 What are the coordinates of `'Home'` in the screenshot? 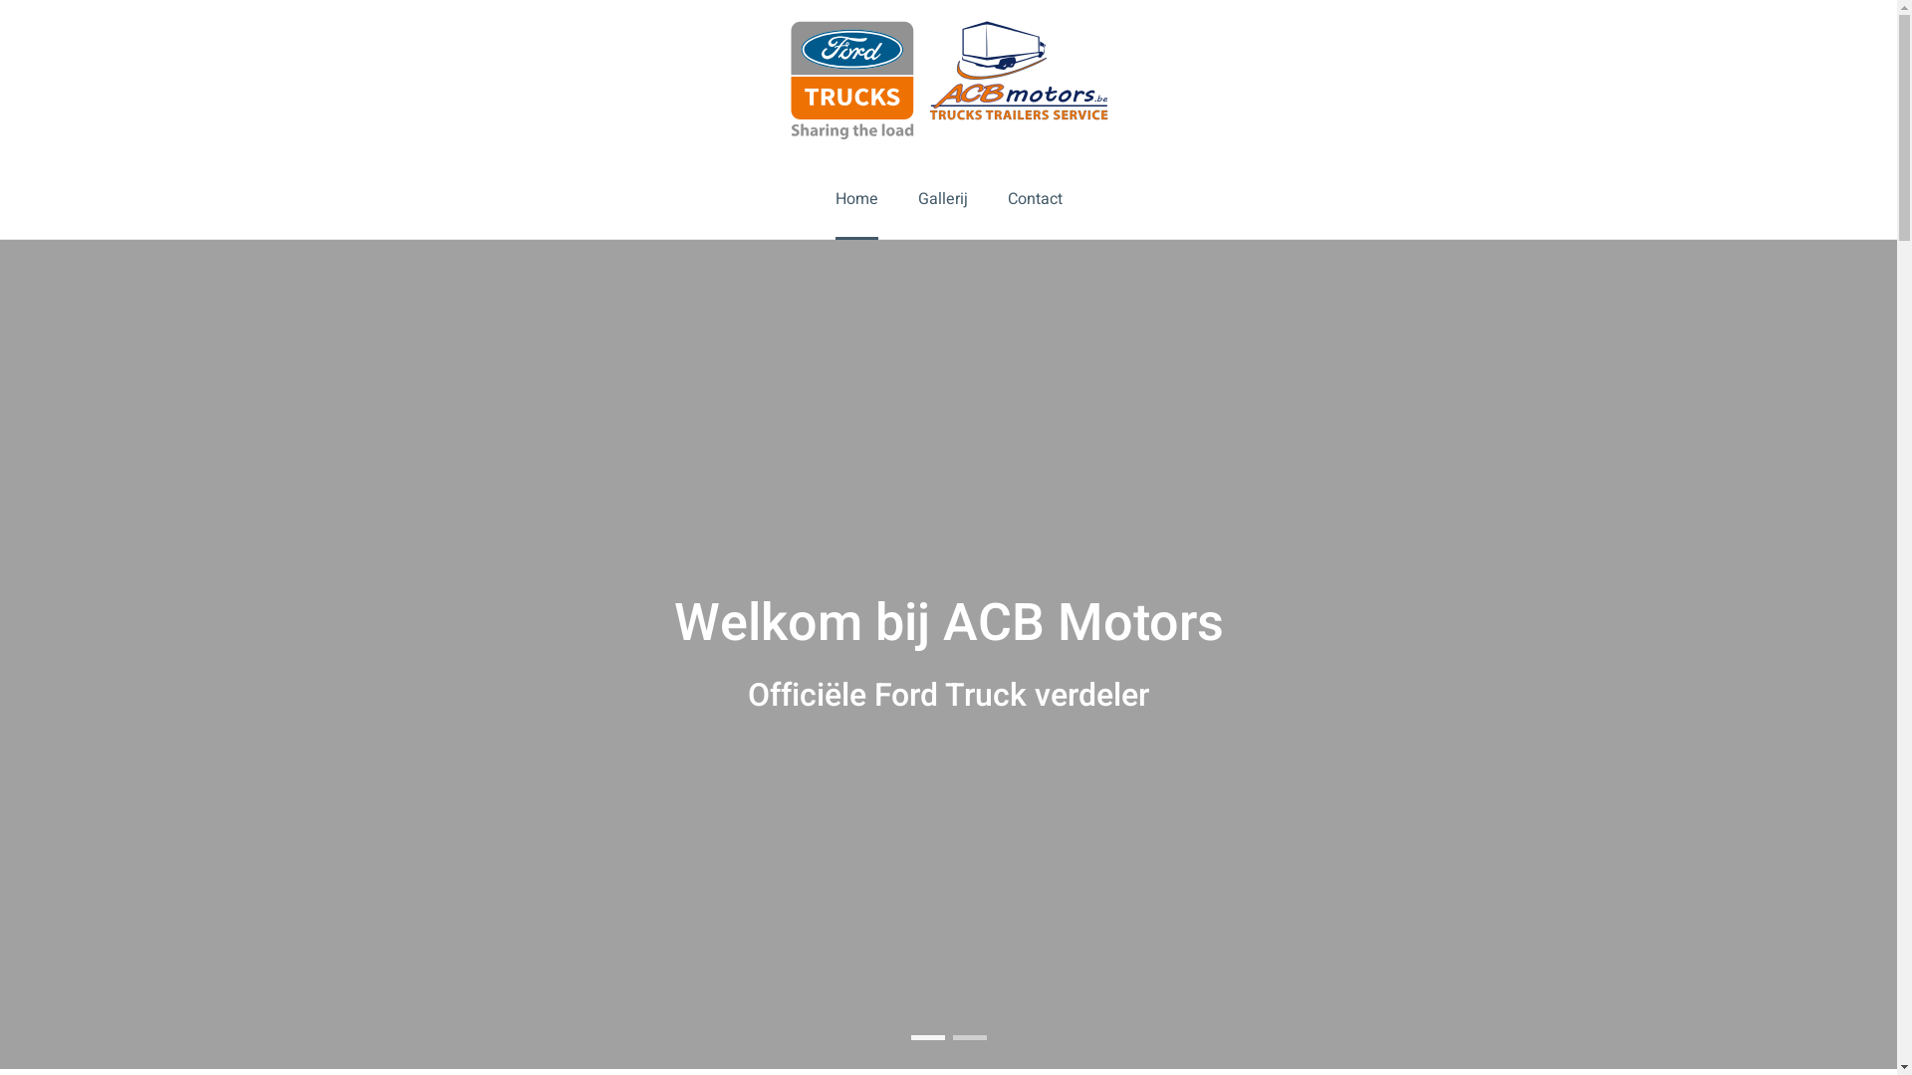 It's located at (855, 199).